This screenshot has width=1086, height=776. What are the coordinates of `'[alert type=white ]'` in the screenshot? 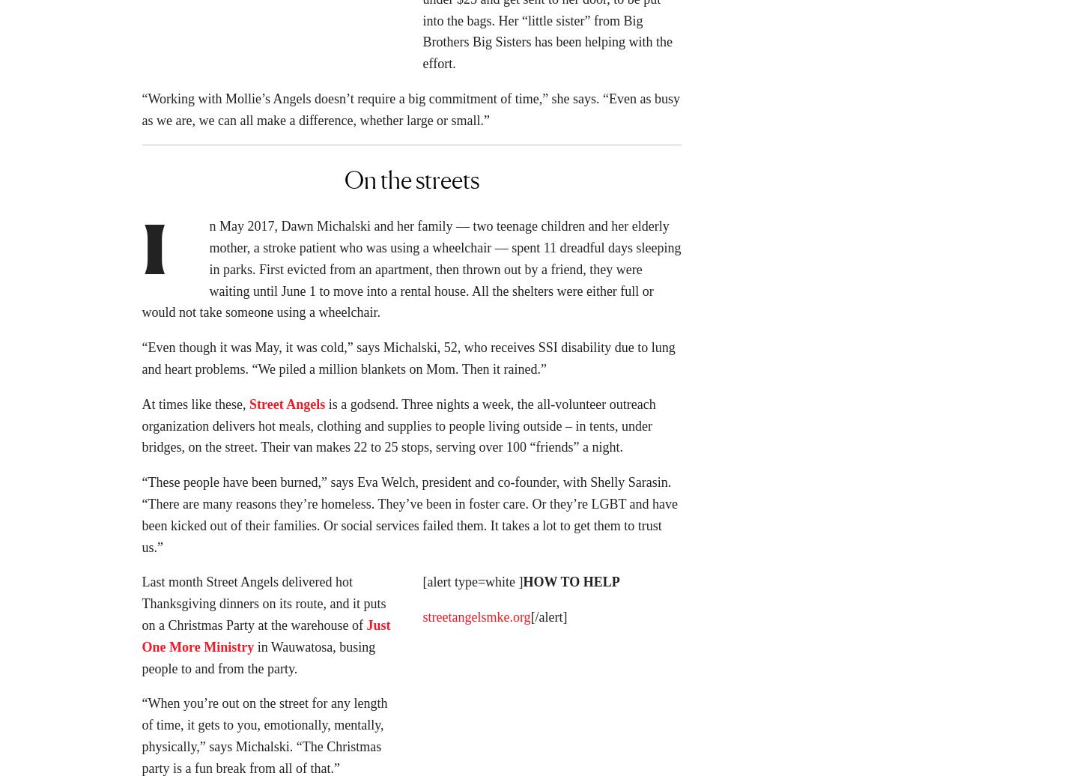 It's located at (472, 586).